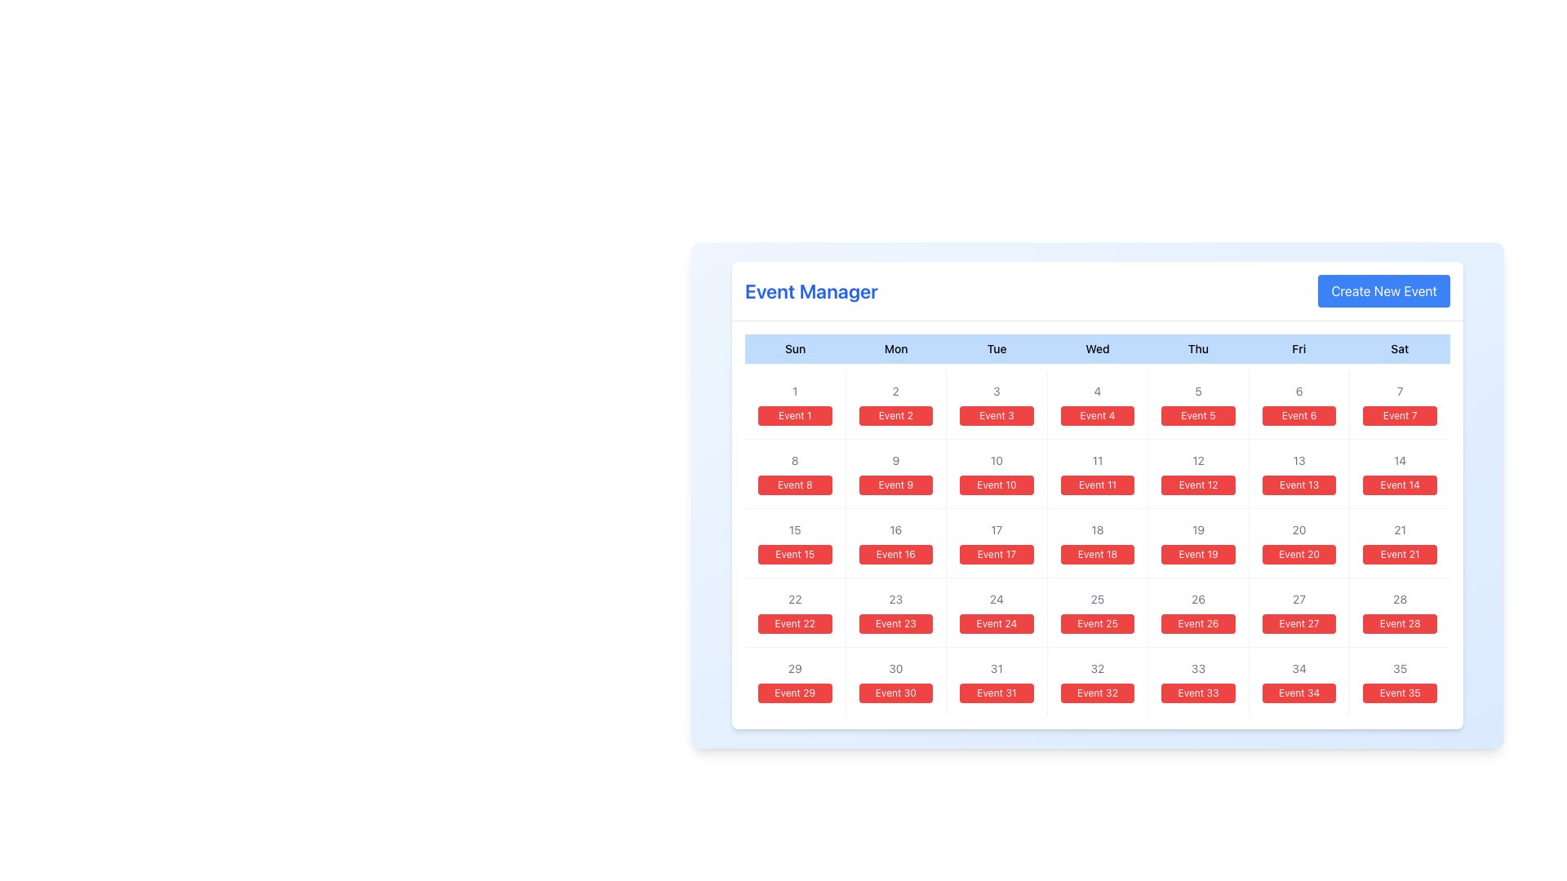 This screenshot has height=881, width=1567. Describe the element at coordinates (996, 543) in the screenshot. I see `the Calendar date box representing the day '17' with the event 'Event 17'` at that location.